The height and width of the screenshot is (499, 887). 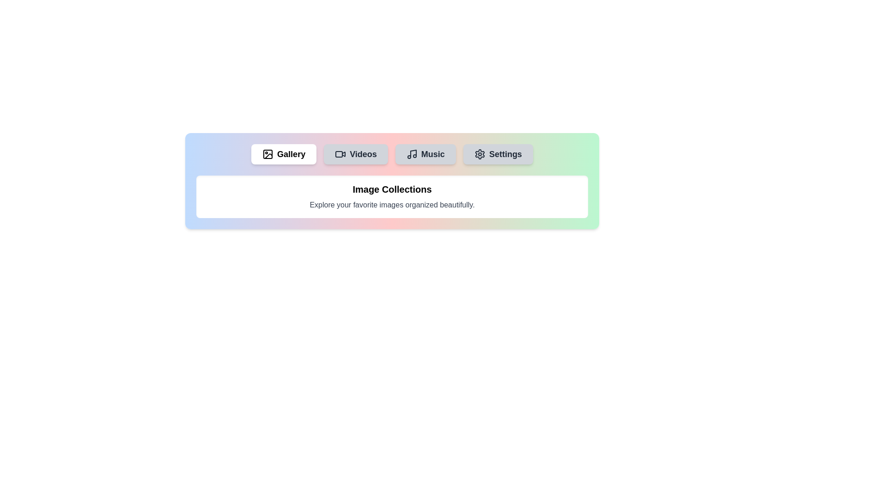 What do you see at coordinates (283, 154) in the screenshot?
I see `the tab labeled Gallery` at bounding box center [283, 154].